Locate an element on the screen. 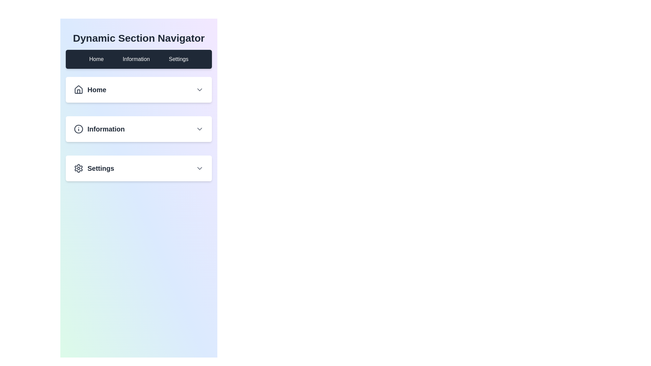 The width and height of the screenshot is (651, 366). 'Settings' label in bold gray font, which is part of the third navigational option in the sidebar under the 'Information' section is located at coordinates (100, 168).